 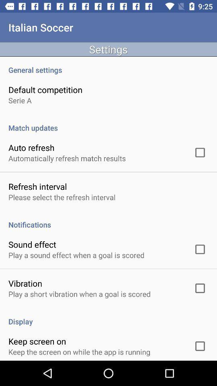 I want to click on item above the keep screen on icon, so click(x=108, y=317).